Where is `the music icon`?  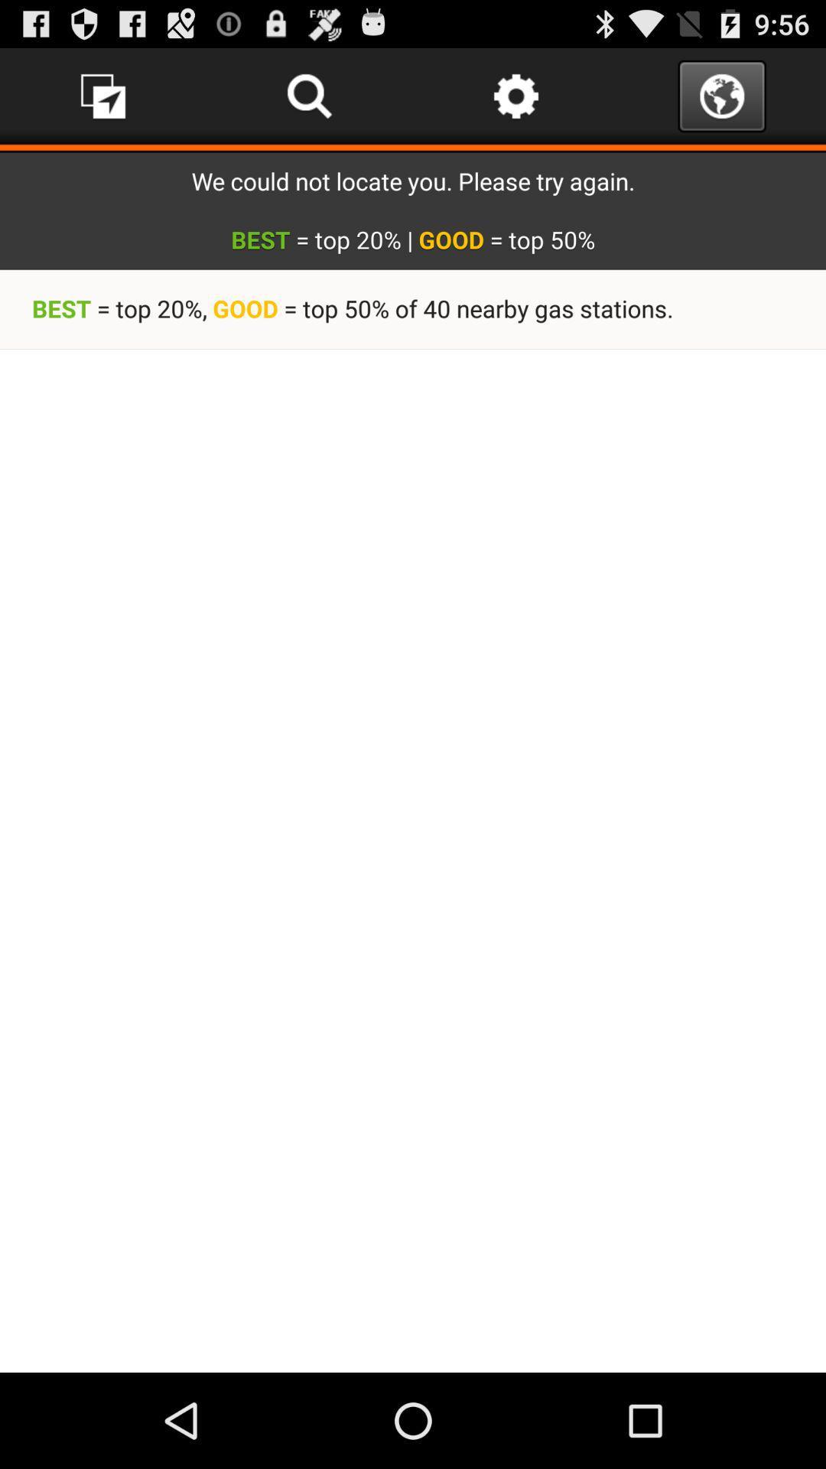 the music icon is located at coordinates (103, 102).